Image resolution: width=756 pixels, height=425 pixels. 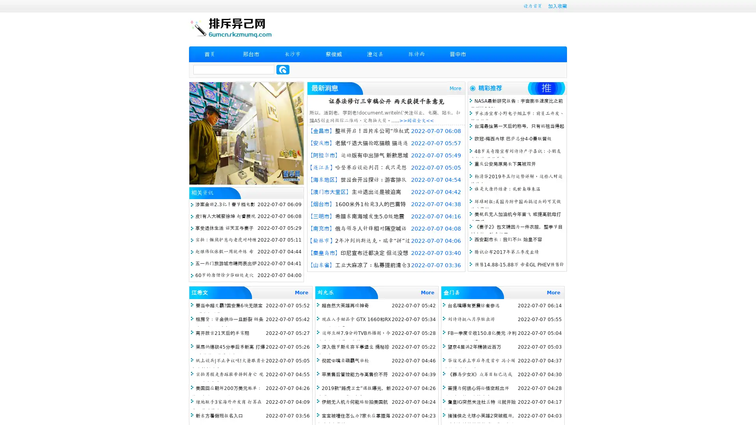 What do you see at coordinates (283, 69) in the screenshot?
I see `Search` at bounding box center [283, 69].